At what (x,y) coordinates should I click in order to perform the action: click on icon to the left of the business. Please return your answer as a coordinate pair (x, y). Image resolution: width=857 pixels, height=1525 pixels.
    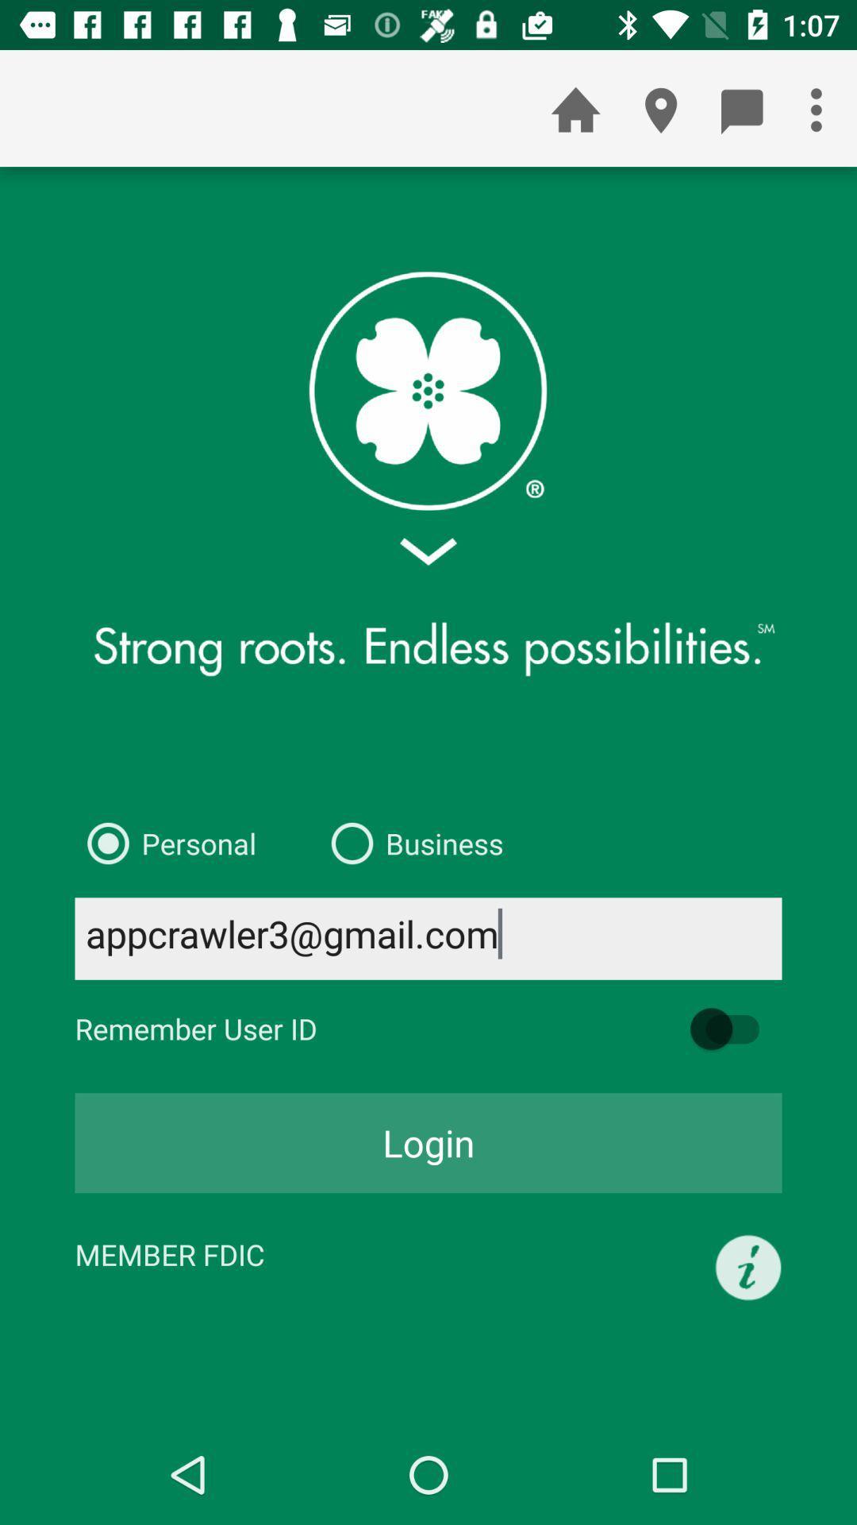
    Looking at the image, I should click on (165, 842).